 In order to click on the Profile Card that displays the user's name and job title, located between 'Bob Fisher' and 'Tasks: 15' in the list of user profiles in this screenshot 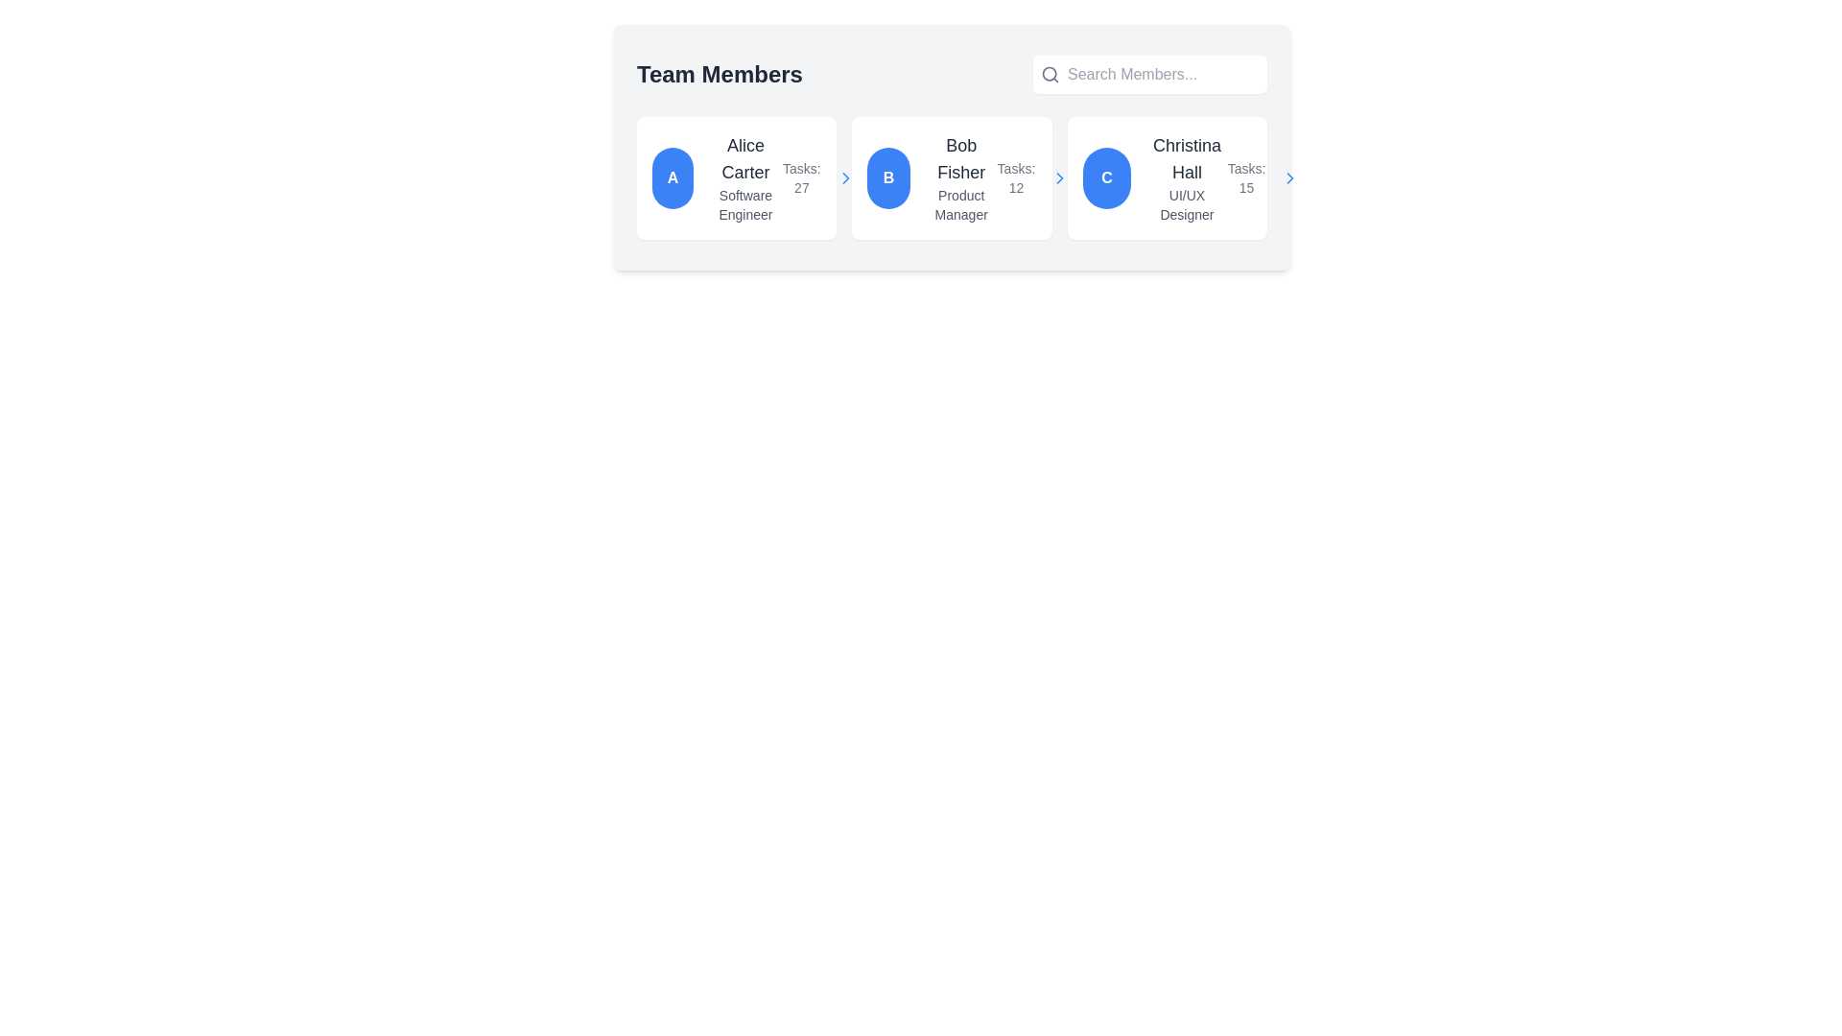, I will do `click(1154, 177)`.